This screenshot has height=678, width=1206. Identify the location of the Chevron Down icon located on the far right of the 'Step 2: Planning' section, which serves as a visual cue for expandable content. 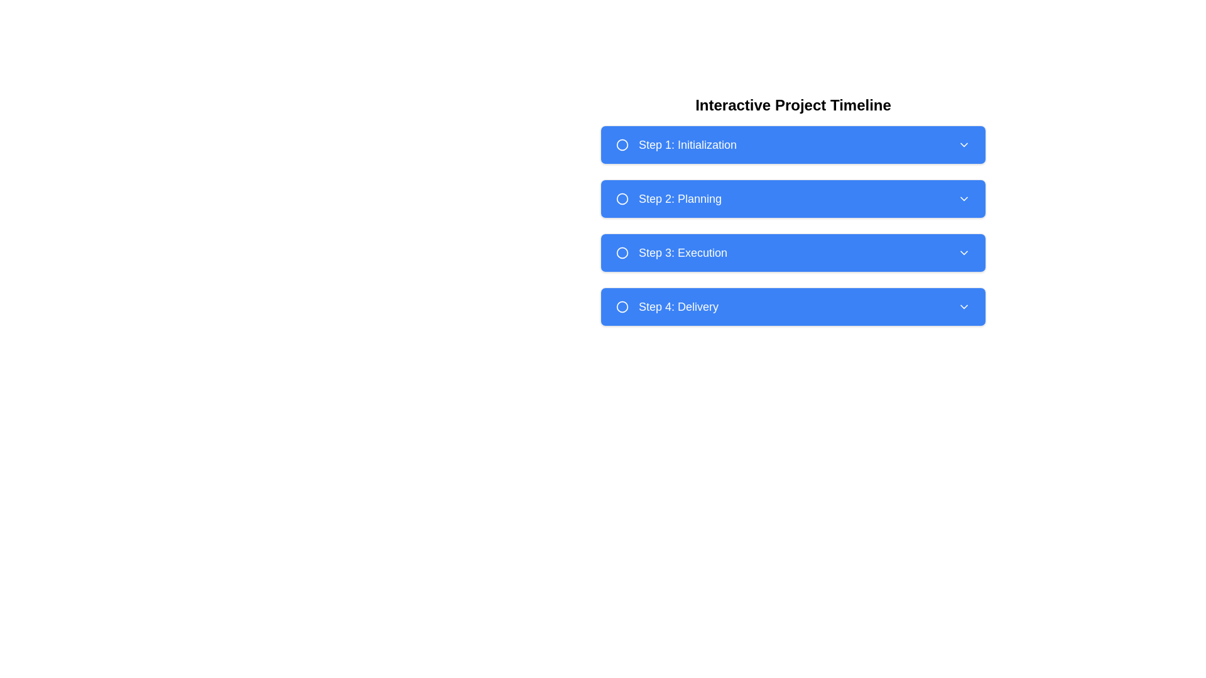
(964, 198).